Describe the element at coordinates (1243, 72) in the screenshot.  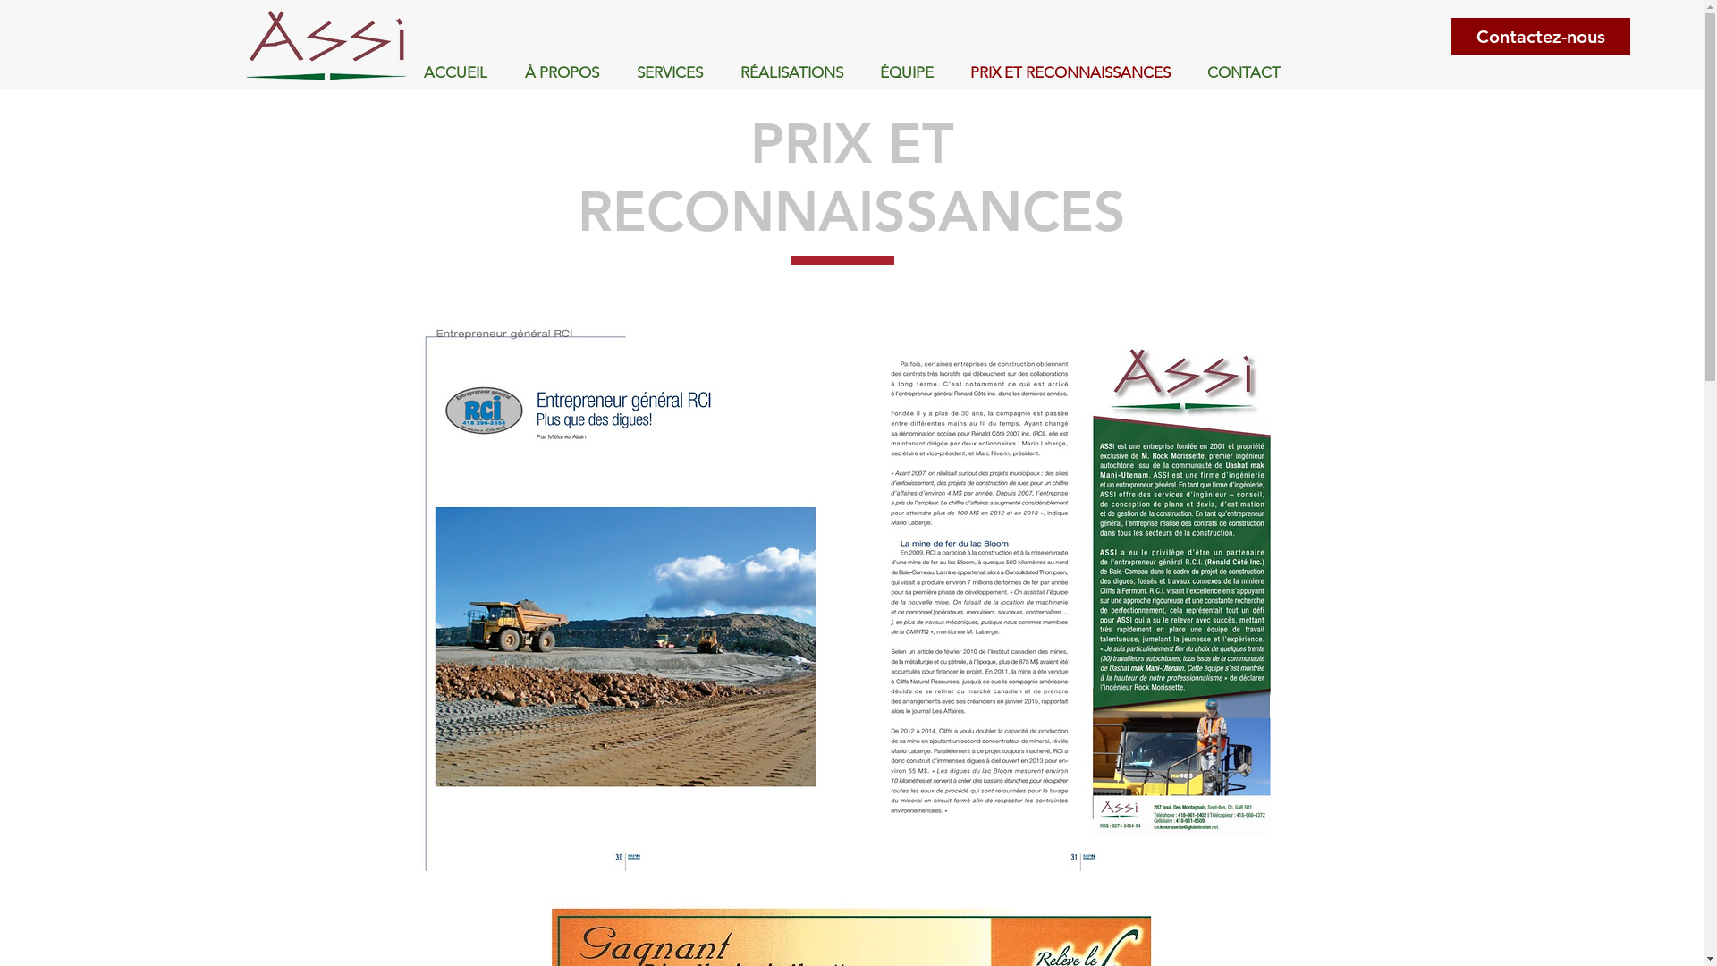
I see `'CONTACT'` at that location.